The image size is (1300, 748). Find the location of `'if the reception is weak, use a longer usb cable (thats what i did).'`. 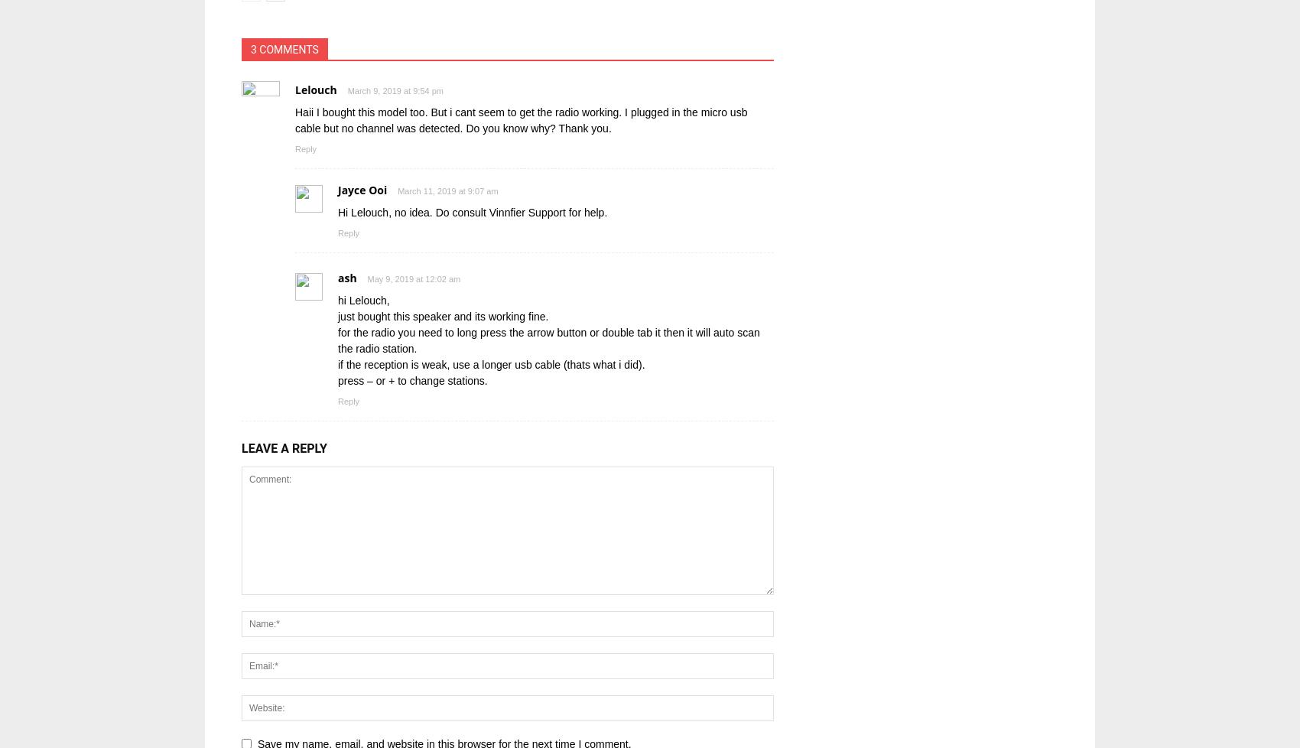

'if the reception is weak, use a longer usb cable (thats what i did).' is located at coordinates (491, 363).